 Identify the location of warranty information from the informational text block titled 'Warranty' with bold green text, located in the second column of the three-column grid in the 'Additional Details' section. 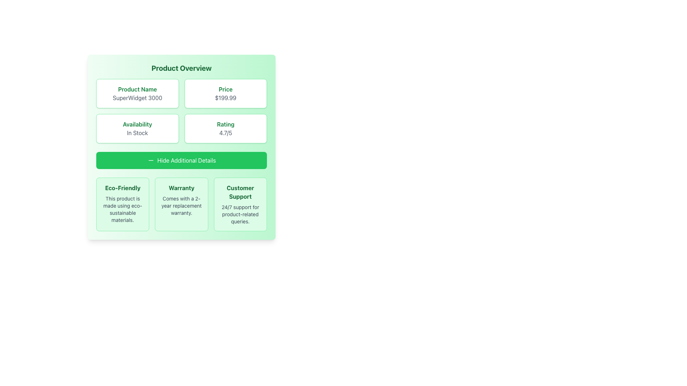
(181, 204).